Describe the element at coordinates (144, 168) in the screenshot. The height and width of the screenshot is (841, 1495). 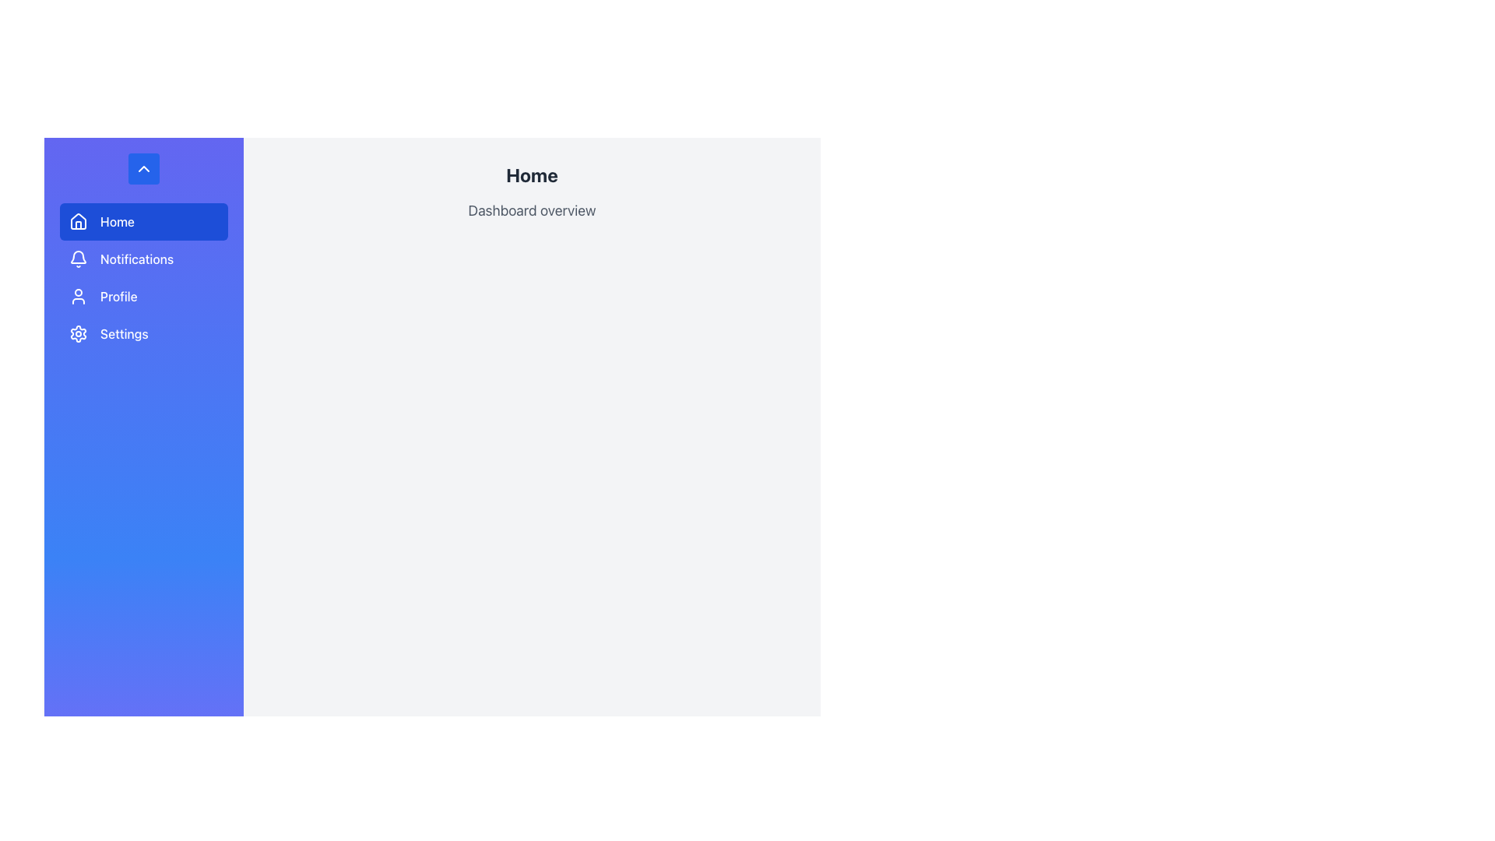
I see `the upward-pointing chevron icon located inside a rounded rectangular button with a blue background at the top of the vertical sidebar on the left of the application interface` at that location.